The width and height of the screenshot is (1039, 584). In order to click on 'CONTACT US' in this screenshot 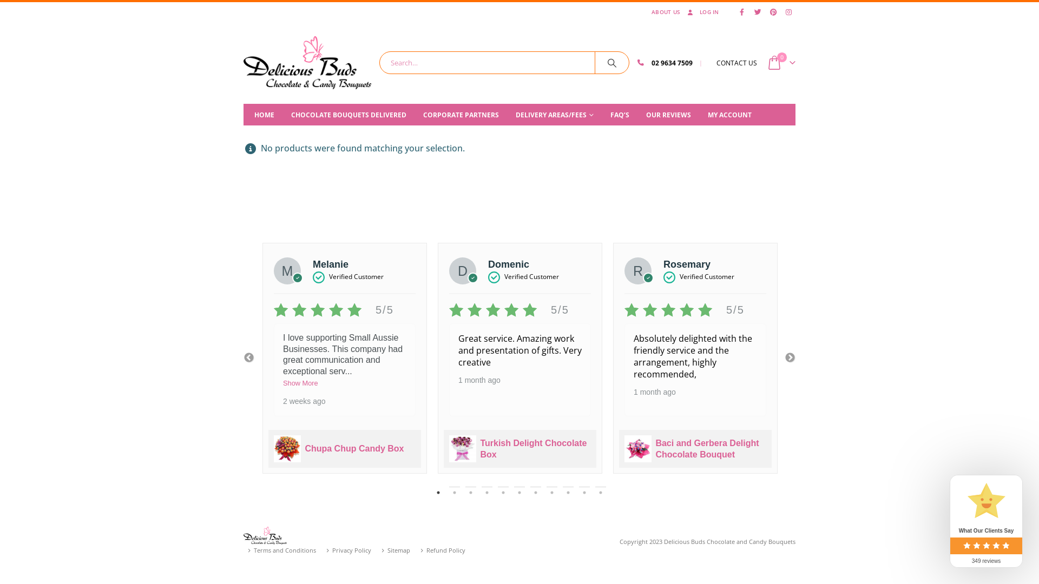, I will do `click(736, 62)`.